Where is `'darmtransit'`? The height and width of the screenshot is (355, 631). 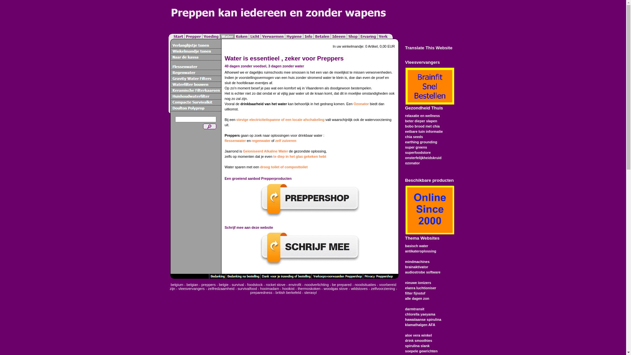 'darmtransit' is located at coordinates (414, 309).